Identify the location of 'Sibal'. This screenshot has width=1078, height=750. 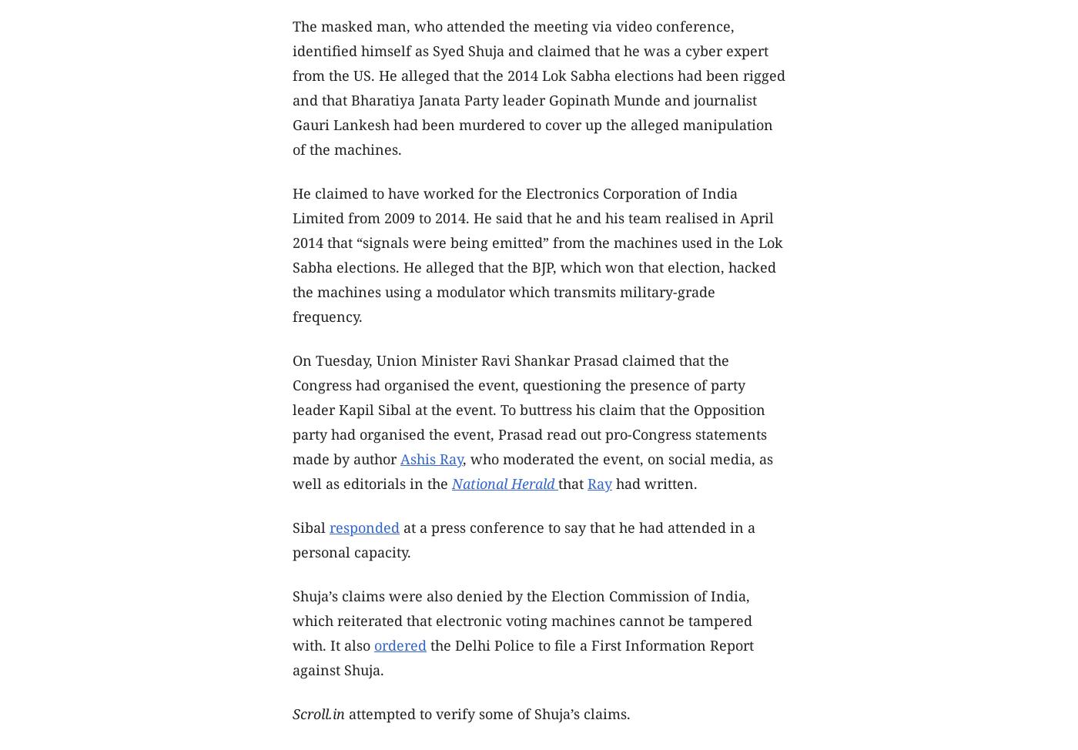
(311, 527).